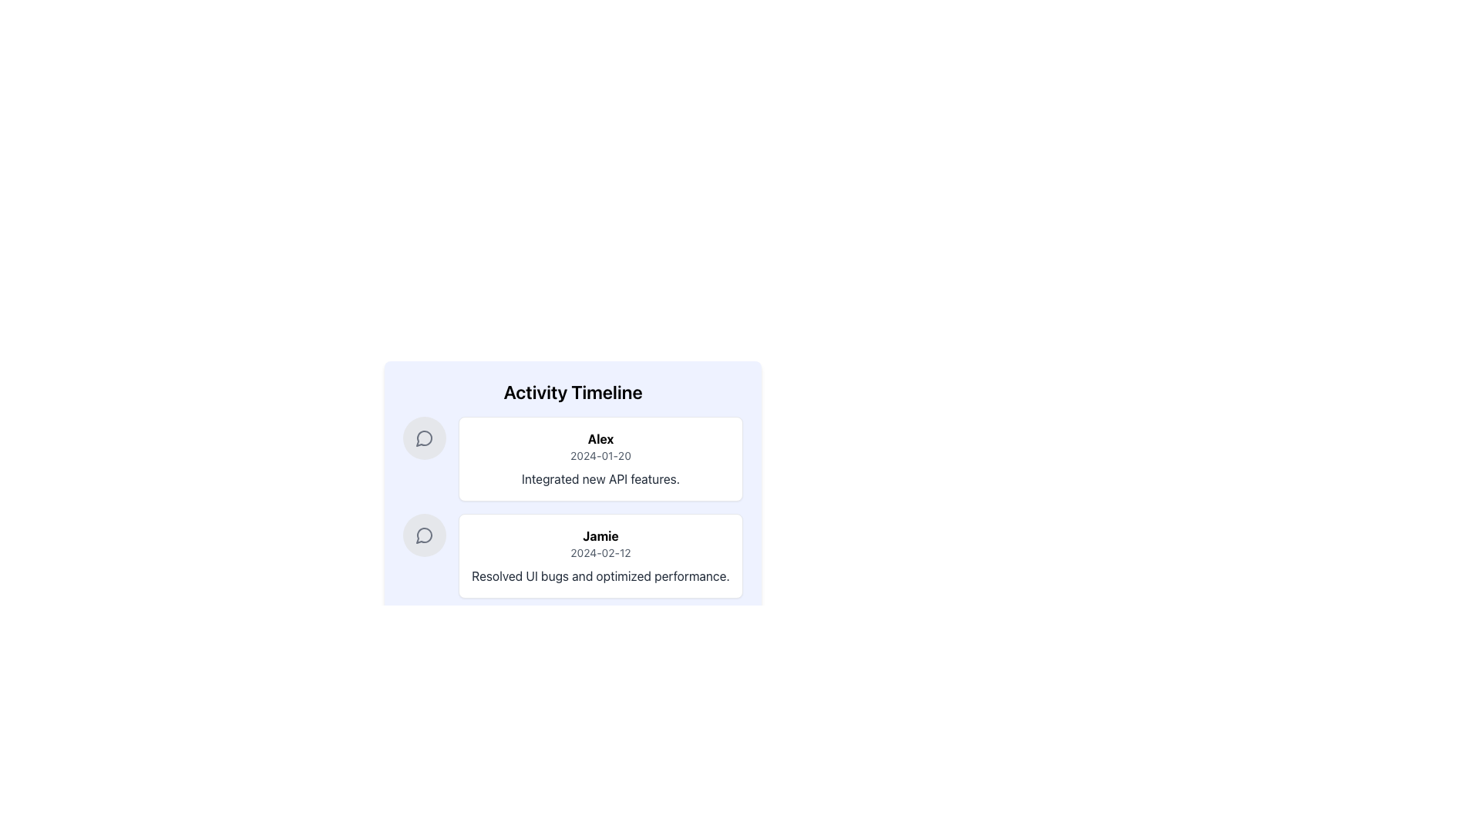 The width and height of the screenshot is (1480, 832). What do you see at coordinates (572, 473) in the screenshot?
I see `the Informational text element that displays details about the activity involving 'Alex' on '2024-01-20' with the description 'Integrated new API features.'` at bounding box center [572, 473].